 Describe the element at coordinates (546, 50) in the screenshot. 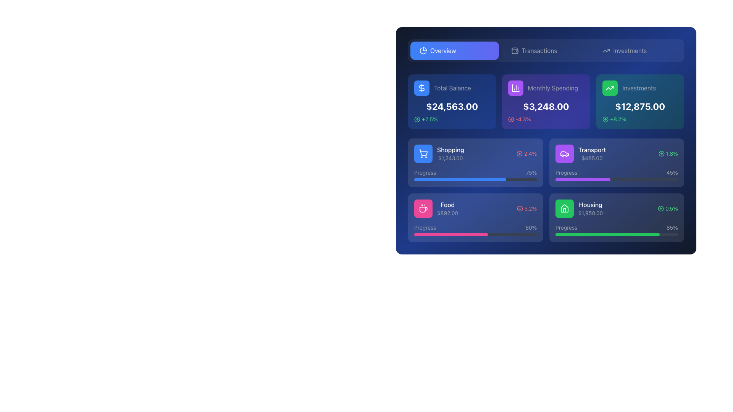

I see `the 'Transactions' button in the navigation bar for keyboard navigation` at that location.